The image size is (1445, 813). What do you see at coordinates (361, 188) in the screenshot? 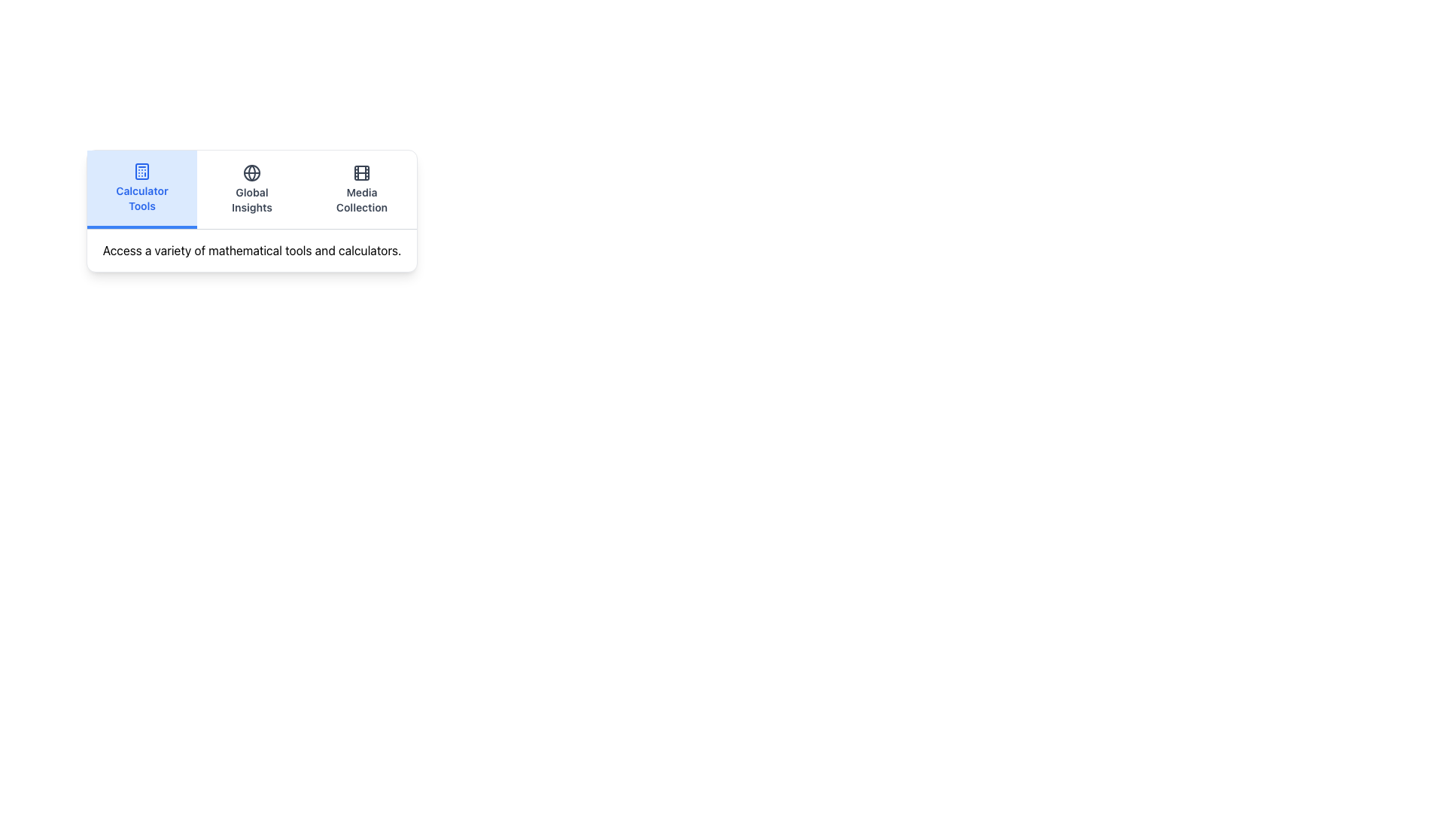
I see `the button for navigating to the 'Media Collection' section, positioned third from the left in a horizontal group of three, flanked by 'Global Insights'` at bounding box center [361, 188].